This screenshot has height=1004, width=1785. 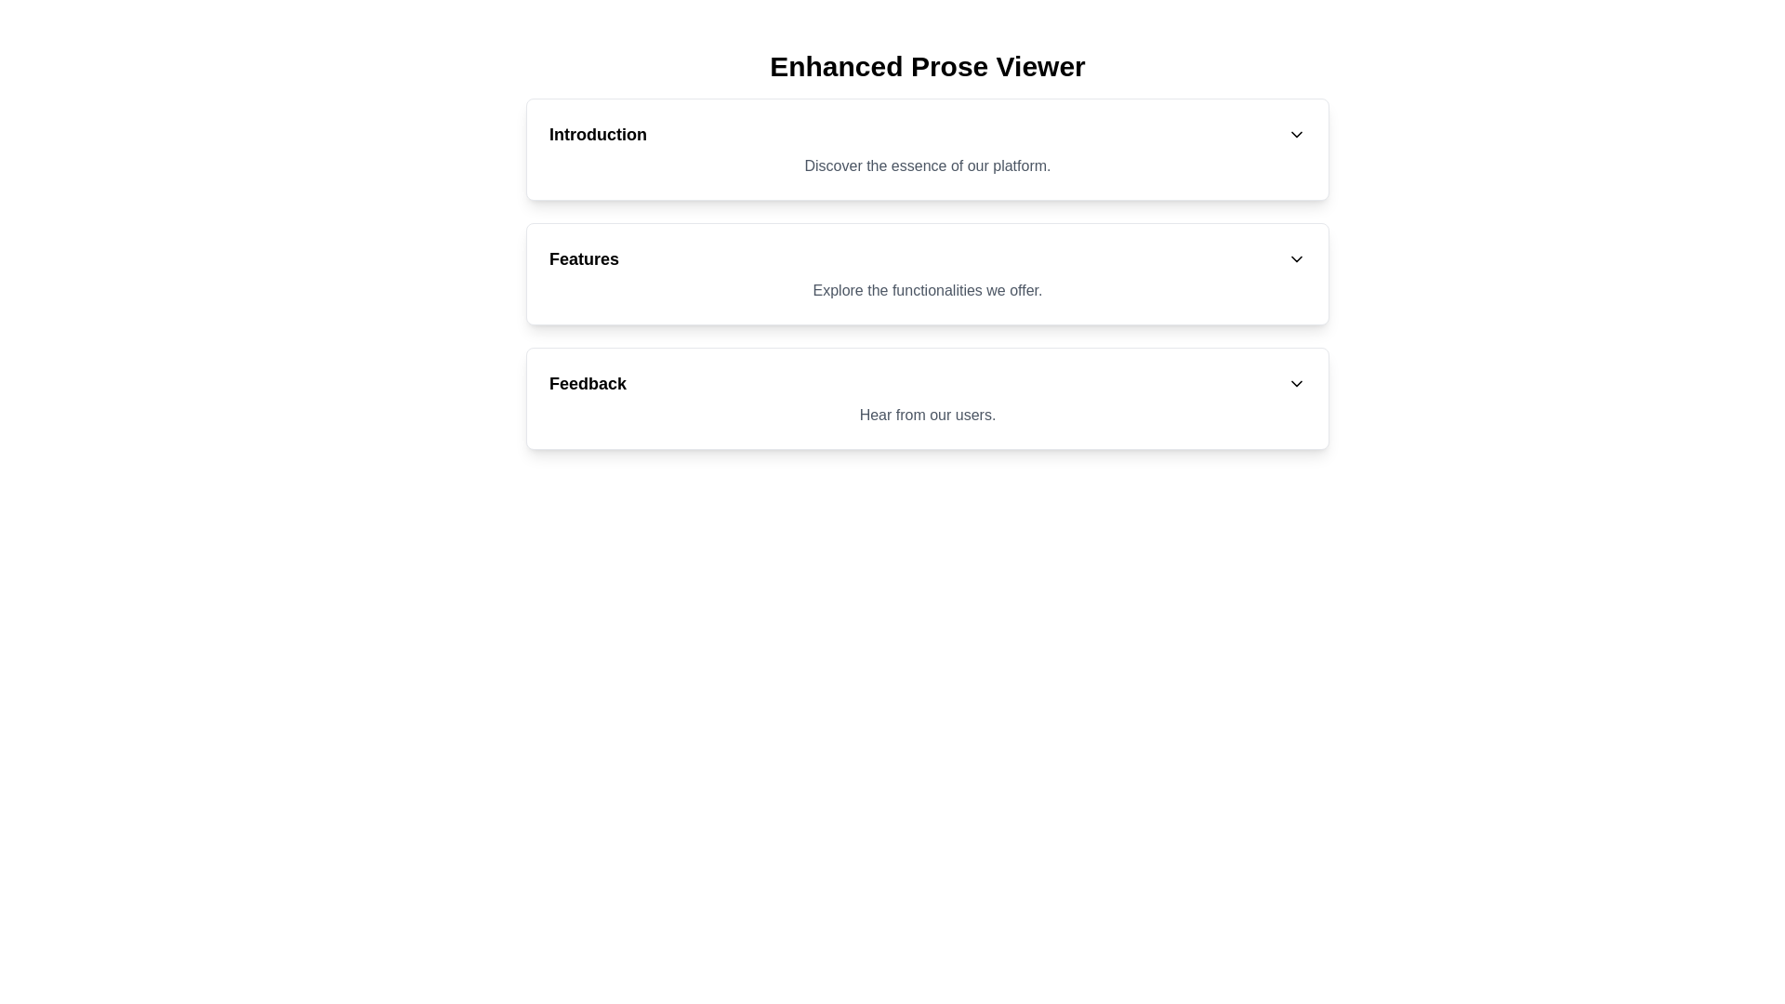 I want to click on the chevron-down icon located to the far right of the 'Features' section header, so click(x=1296, y=258).